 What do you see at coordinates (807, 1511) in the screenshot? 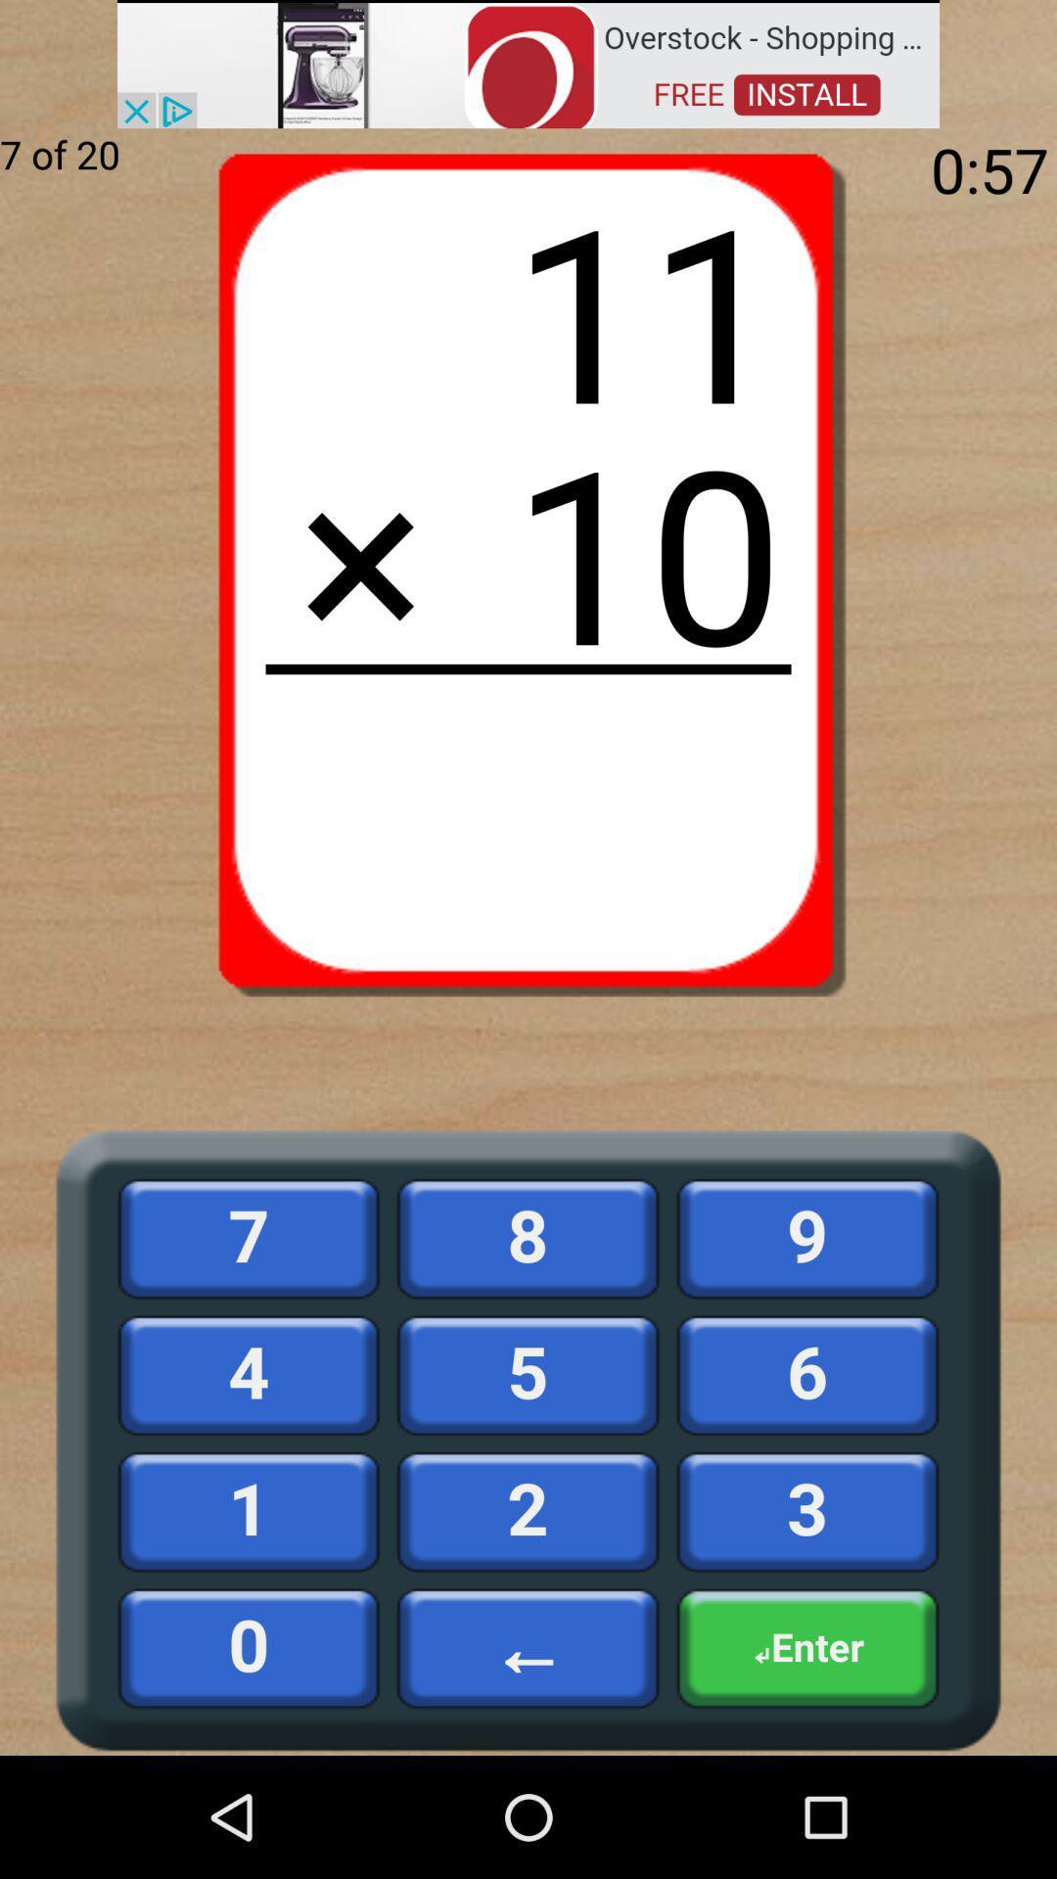
I see `the 3 button` at bounding box center [807, 1511].